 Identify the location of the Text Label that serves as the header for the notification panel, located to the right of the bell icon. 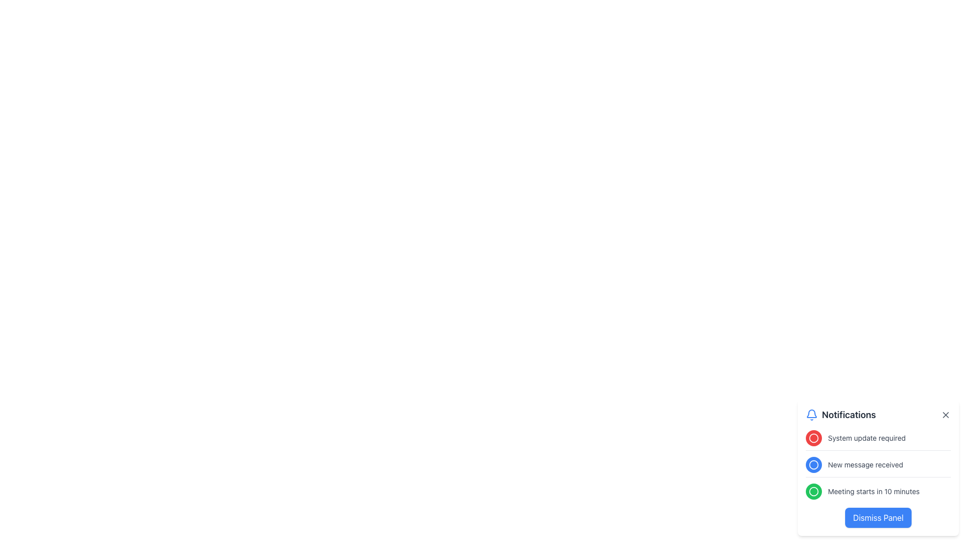
(848, 415).